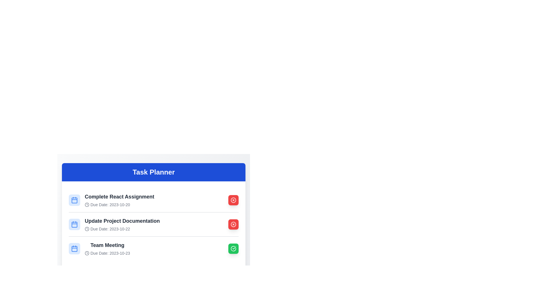 The image size is (548, 308). I want to click on the green circular button with a white checkmark symbol located in the bottom-right corner of the 'Team Meeting' task details, so click(233, 248).